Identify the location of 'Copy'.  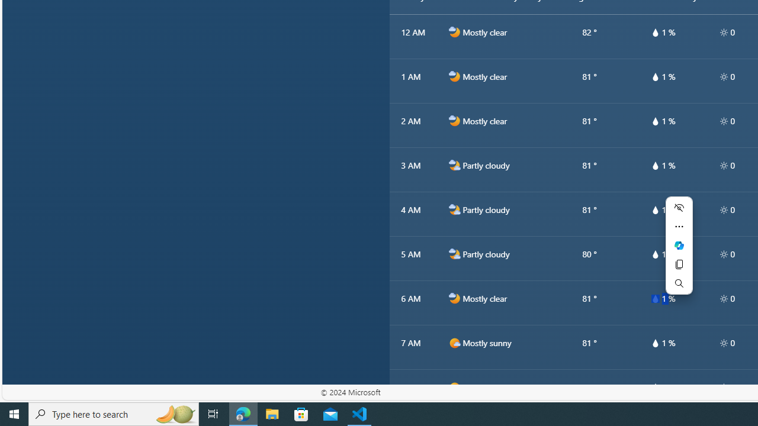
(679, 264).